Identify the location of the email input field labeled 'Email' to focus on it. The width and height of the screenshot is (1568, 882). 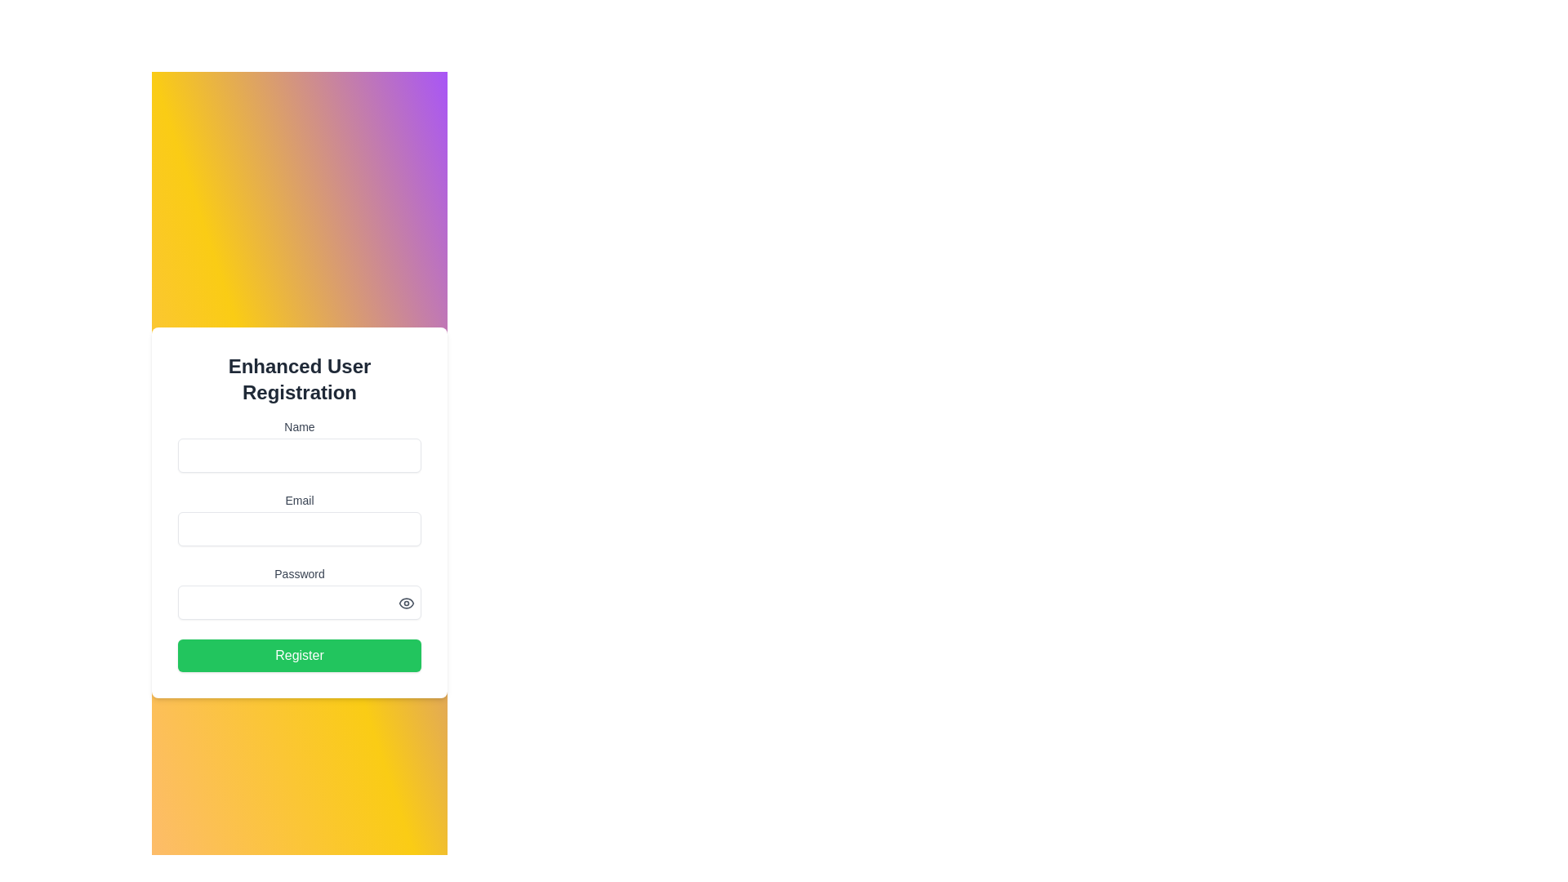
(299, 519).